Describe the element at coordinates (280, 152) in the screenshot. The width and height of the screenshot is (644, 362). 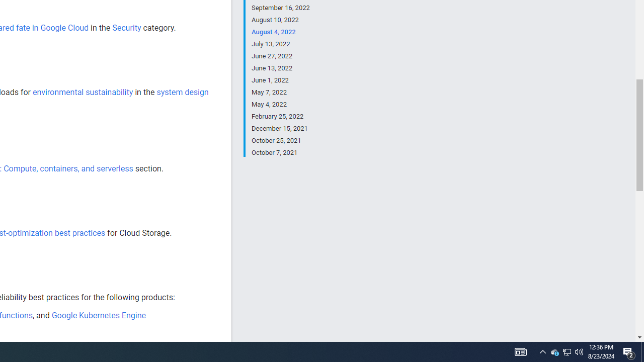
I see `'October 7, 2021'` at that location.